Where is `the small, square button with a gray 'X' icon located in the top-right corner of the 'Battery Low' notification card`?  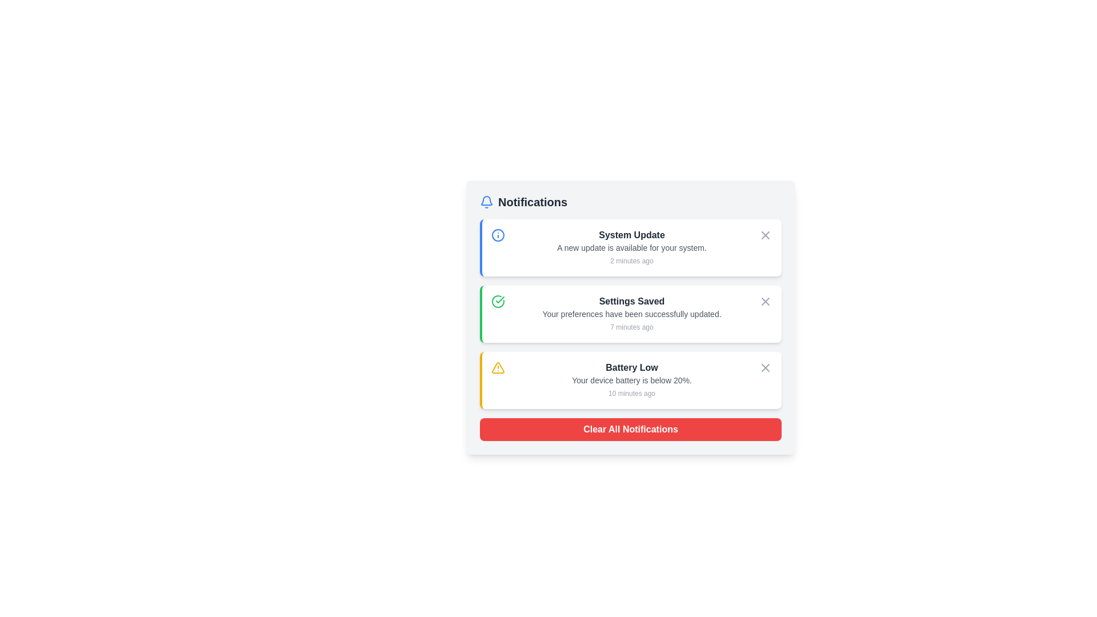
the small, square button with a gray 'X' icon located in the top-right corner of the 'Battery Low' notification card is located at coordinates (765, 368).